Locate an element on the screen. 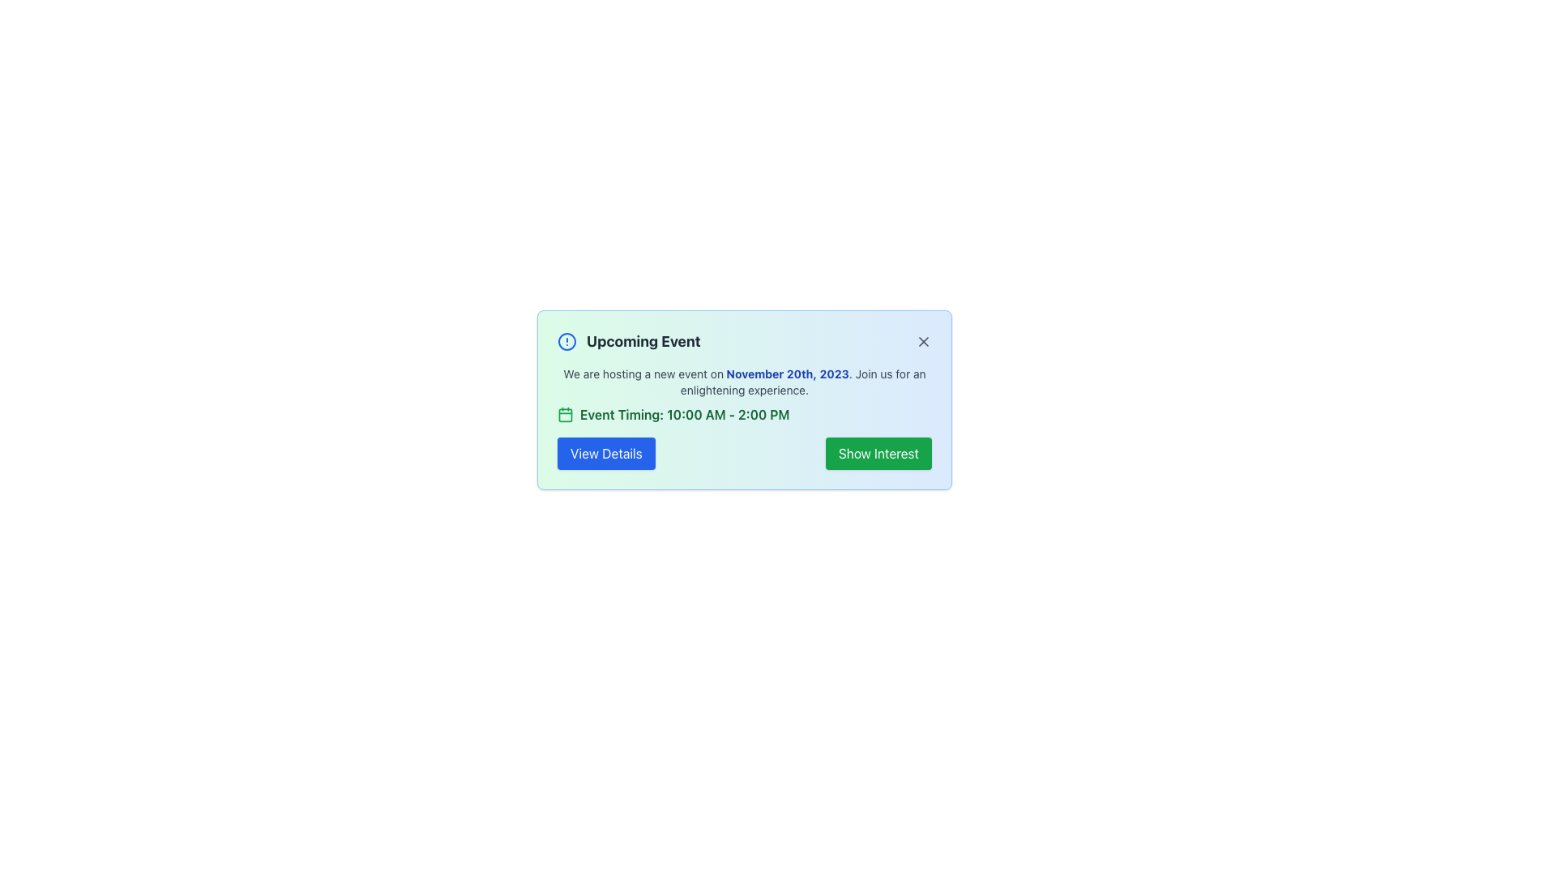 This screenshot has width=1556, height=875. the text label displaying 'Upcoming Event', which is styled with a large bold font in dark gray and is positioned to the right of a blue alert icon is located at coordinates (643, 340).